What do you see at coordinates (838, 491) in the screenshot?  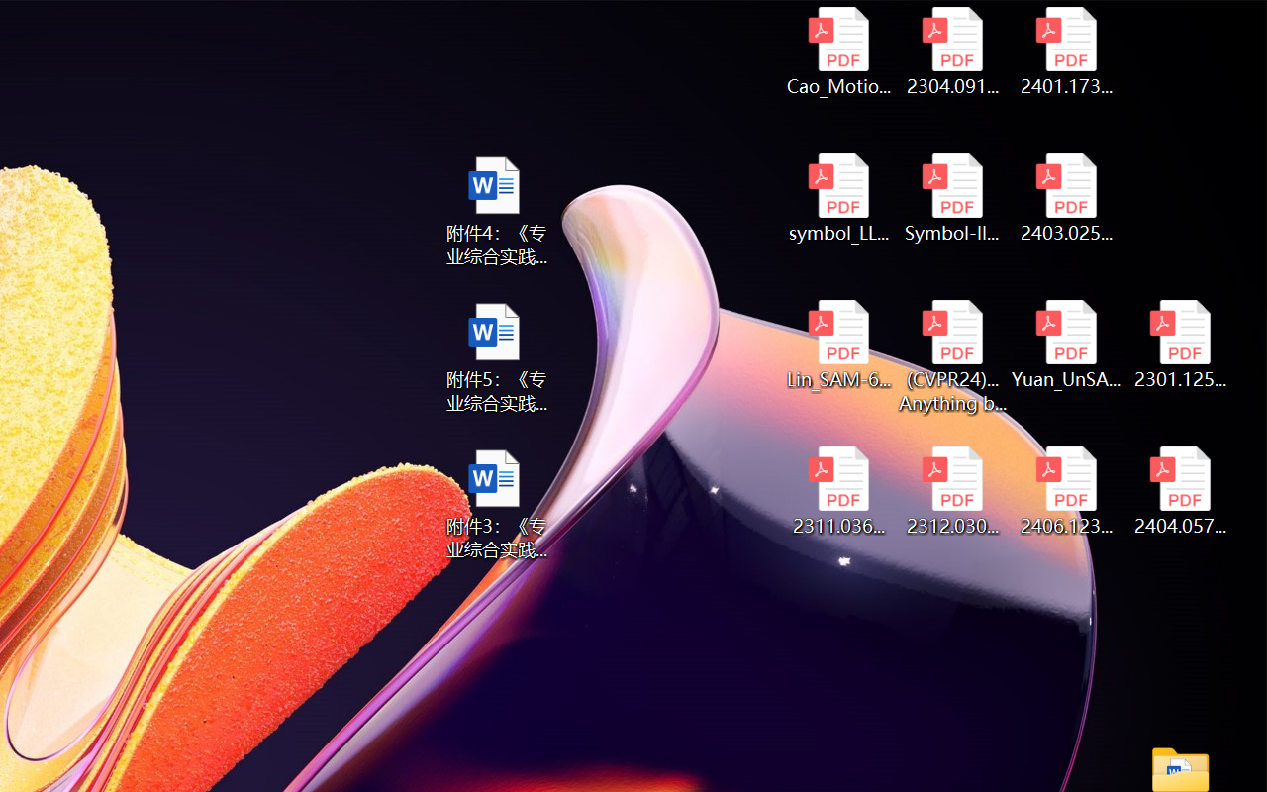 I see `'2311.03658v2.pdf'` at bounding box center [838, 491].